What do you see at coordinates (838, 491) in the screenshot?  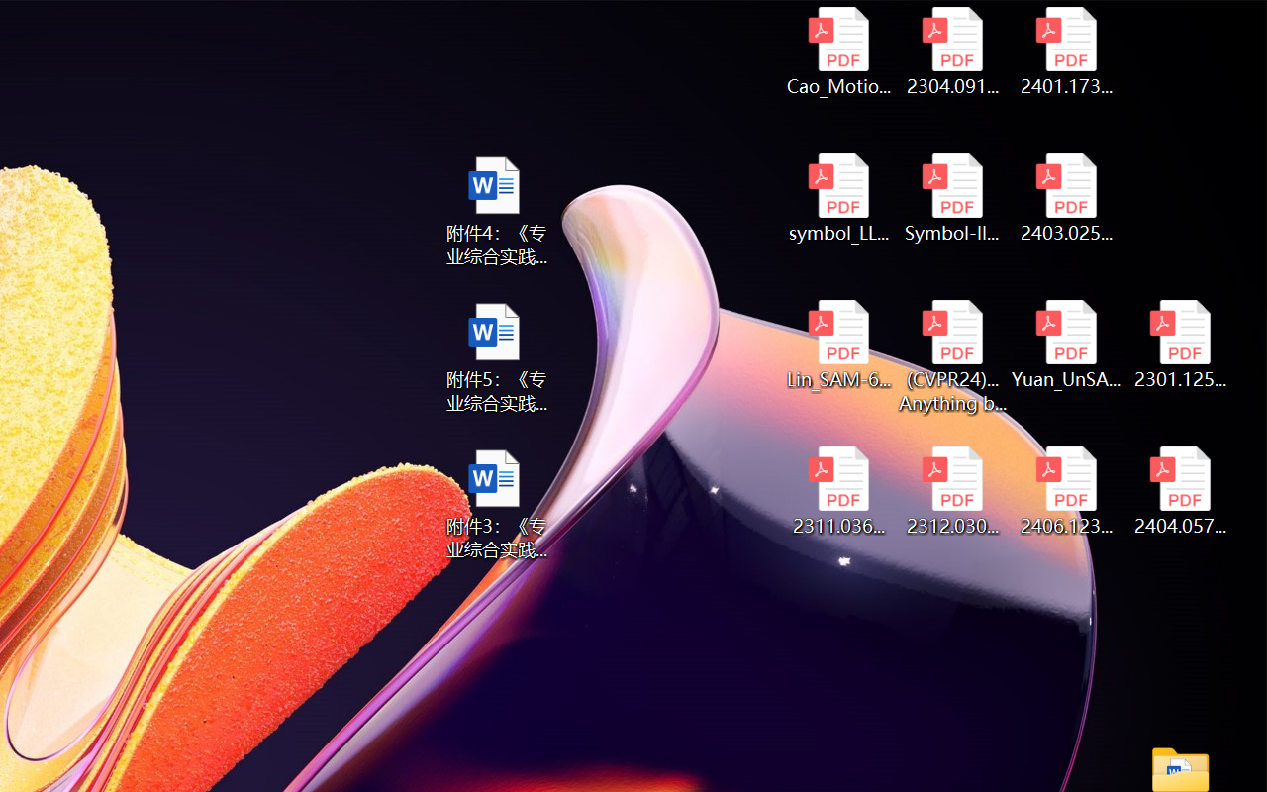 I see `'2311.03658v2.pdf'` at bounding box center [838, 491].